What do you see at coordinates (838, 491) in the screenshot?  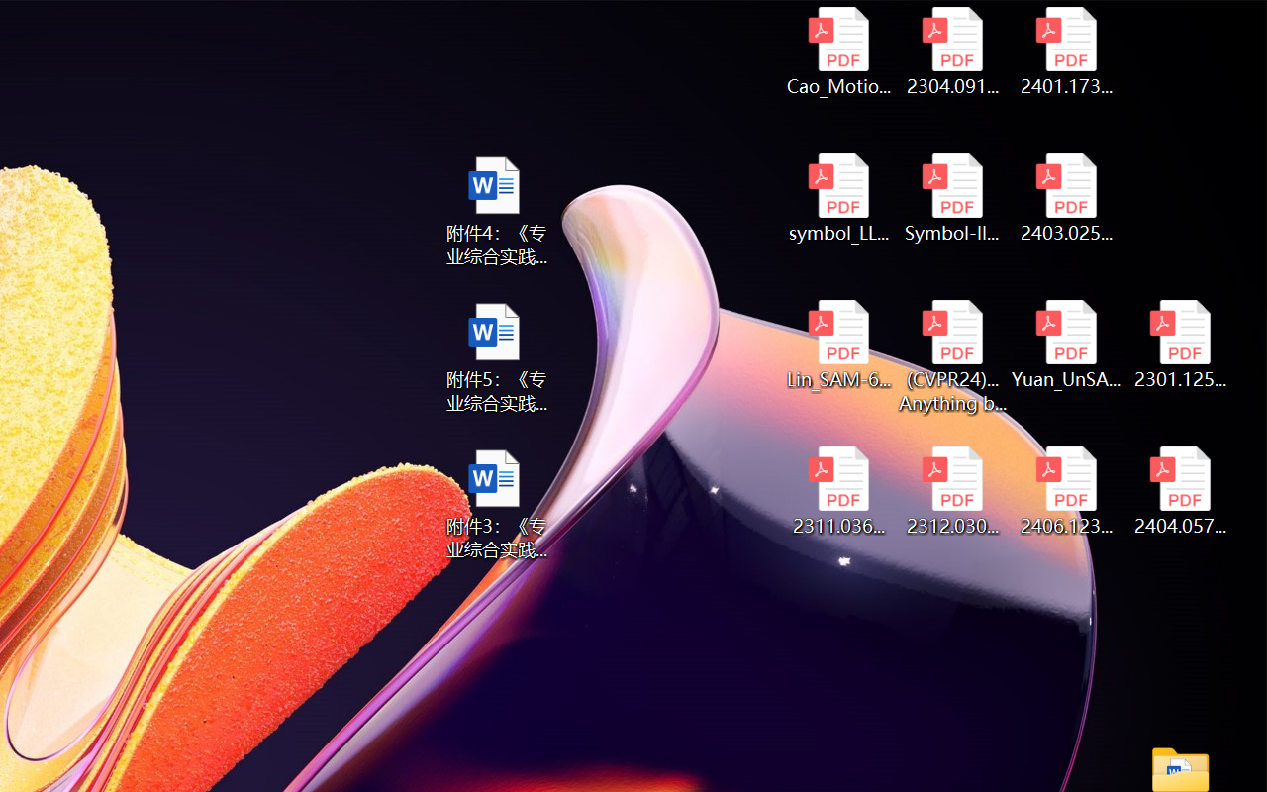 I see `'2311.03658v2.pdf'` at bounding box center [838, 491].